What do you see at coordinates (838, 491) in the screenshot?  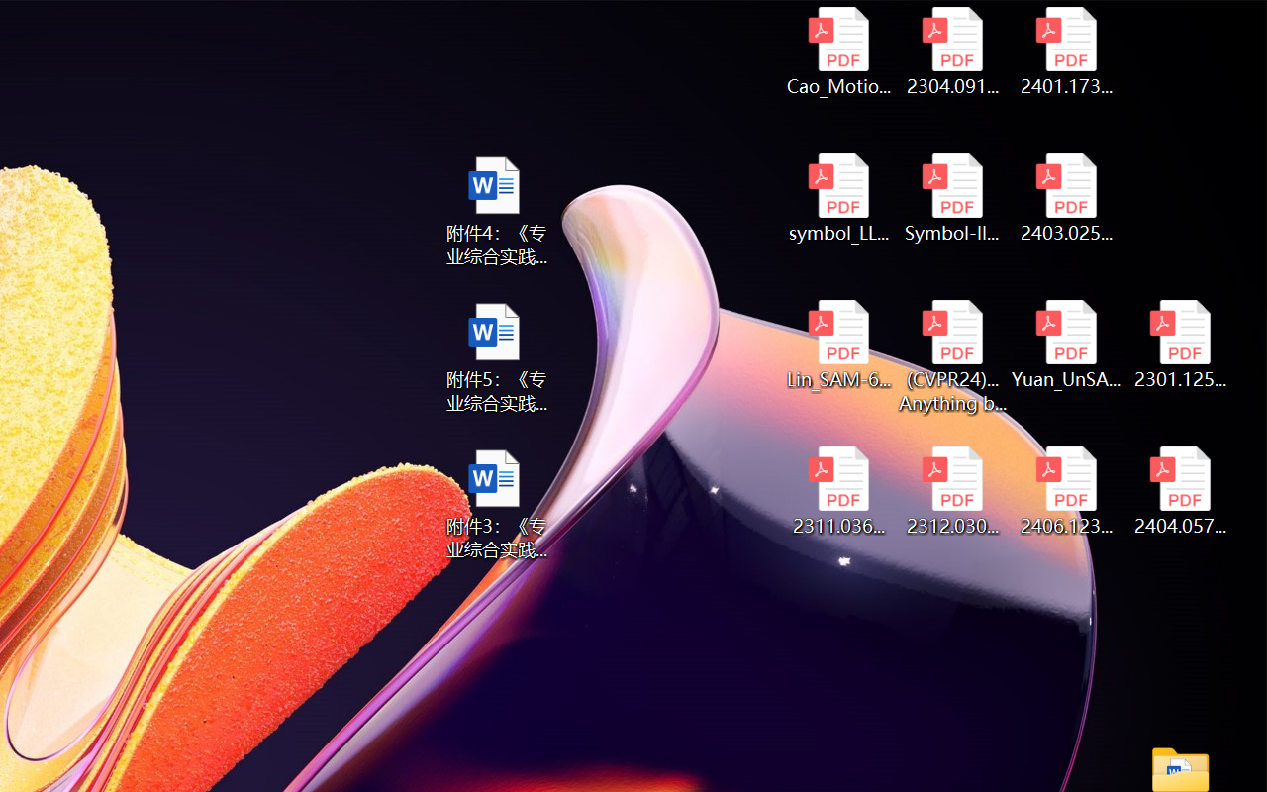 I see `'2311.03658v2.pdf'` at bounding box center [838, 491].